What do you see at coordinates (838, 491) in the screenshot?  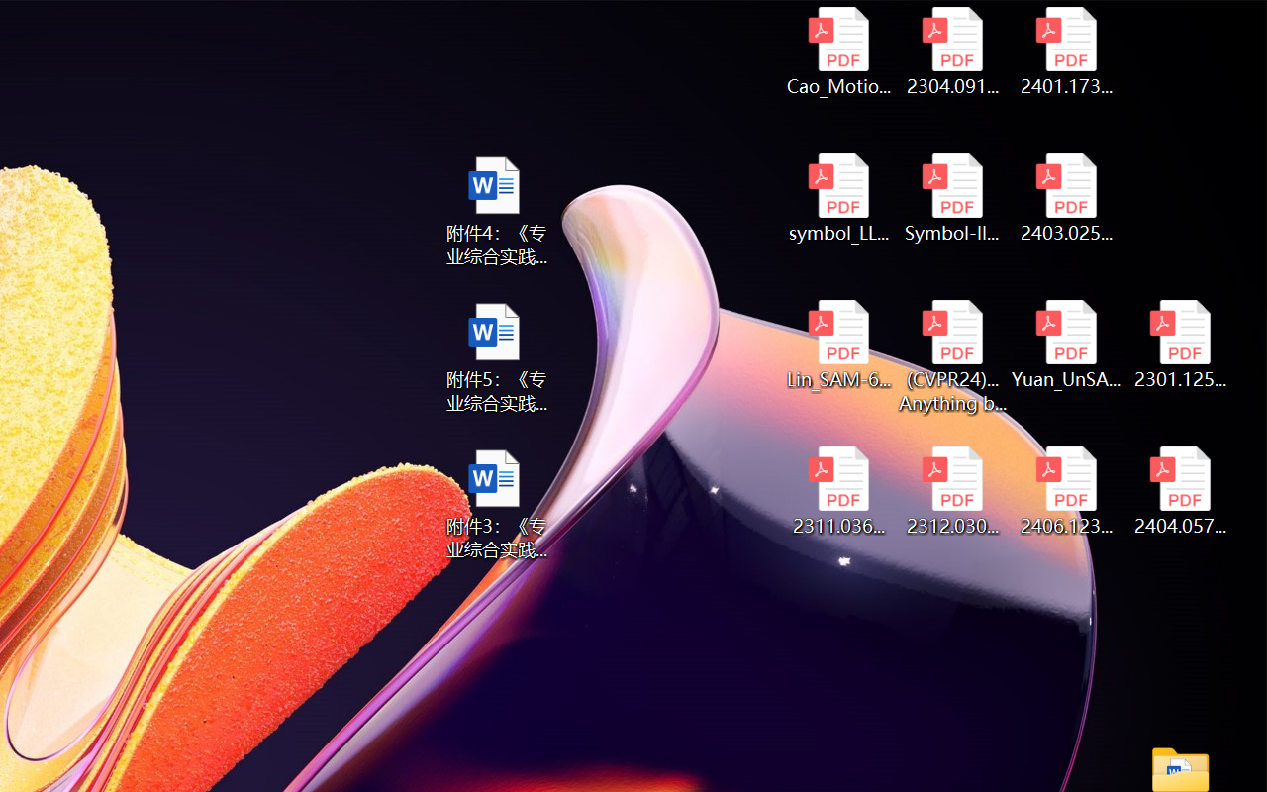 I see `'2311.03658v2.pdf'` at bounding box center [838, 491].